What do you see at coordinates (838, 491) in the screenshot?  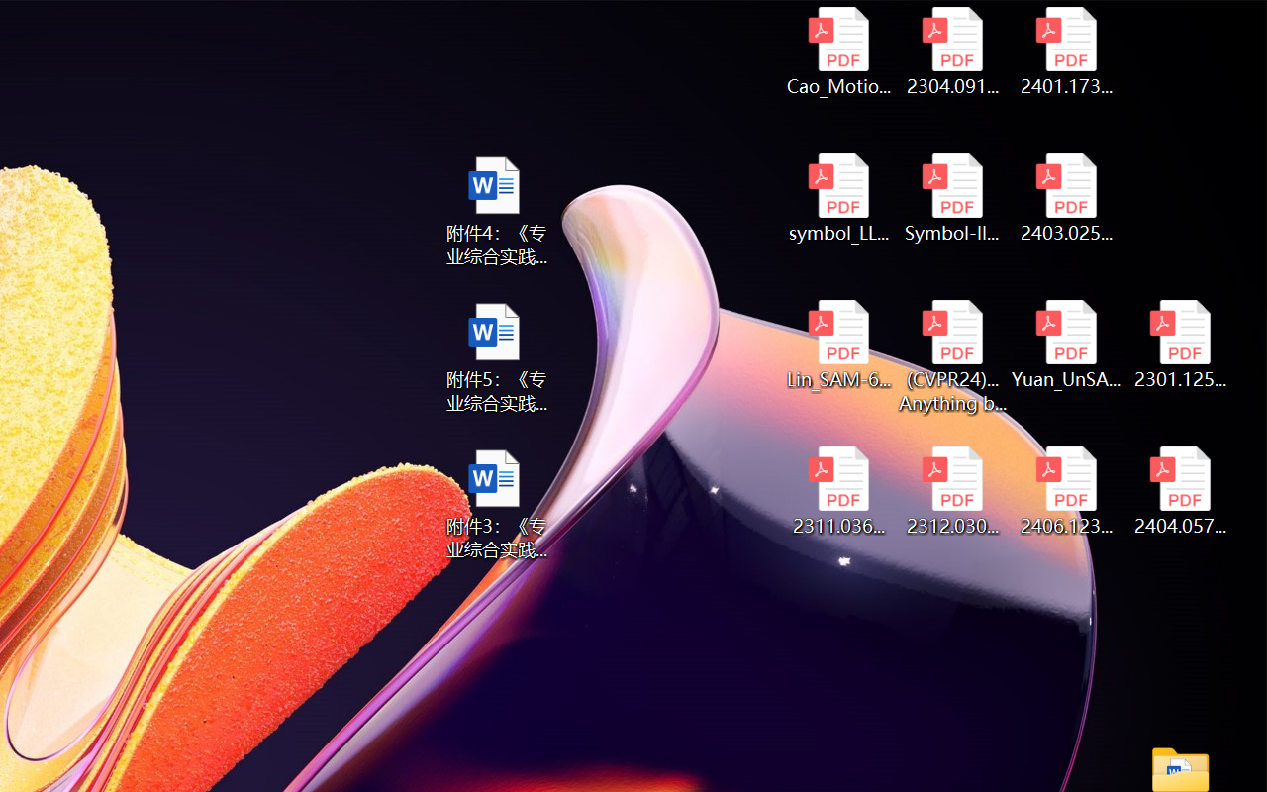 I see `'2311.03658v2.pdf'` at bounding box center [838, 491].